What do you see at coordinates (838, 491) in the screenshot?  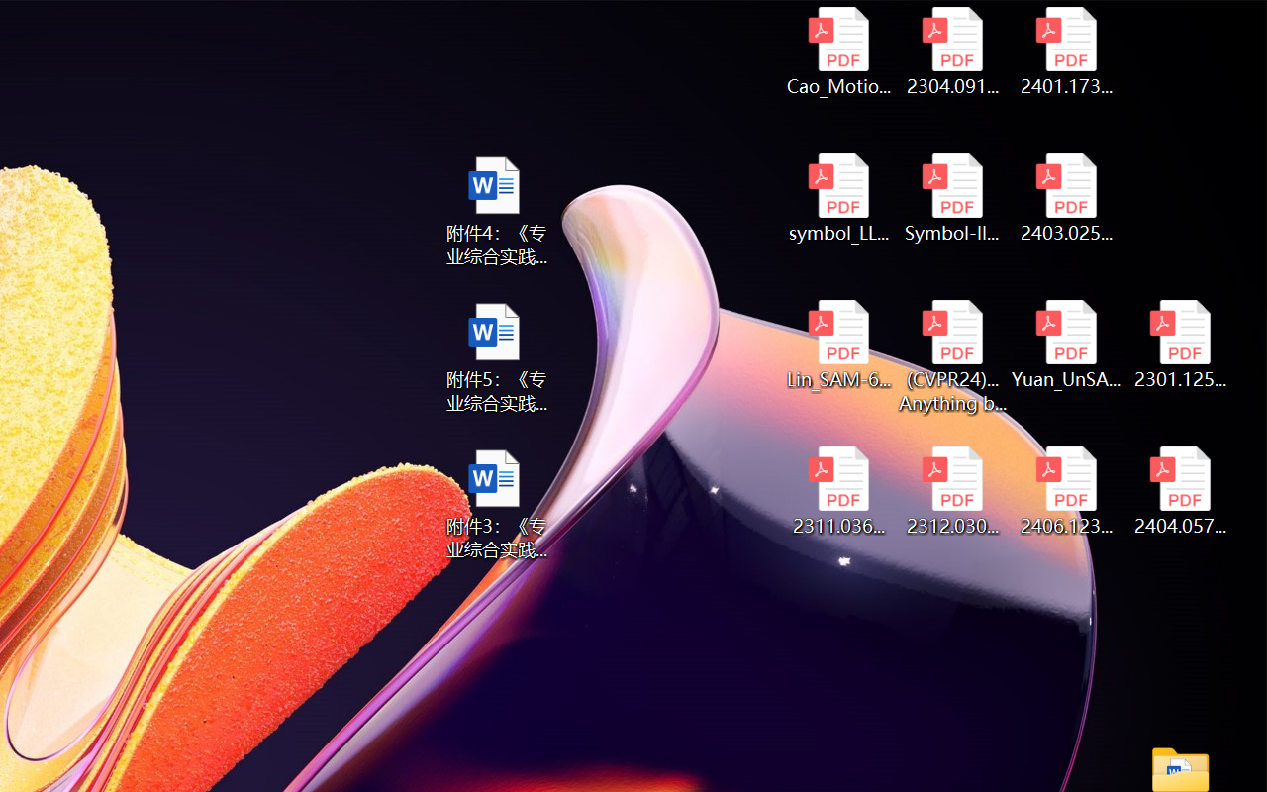 I see `'2311.03658v2.pdf'` at bounding box center [838, 491].